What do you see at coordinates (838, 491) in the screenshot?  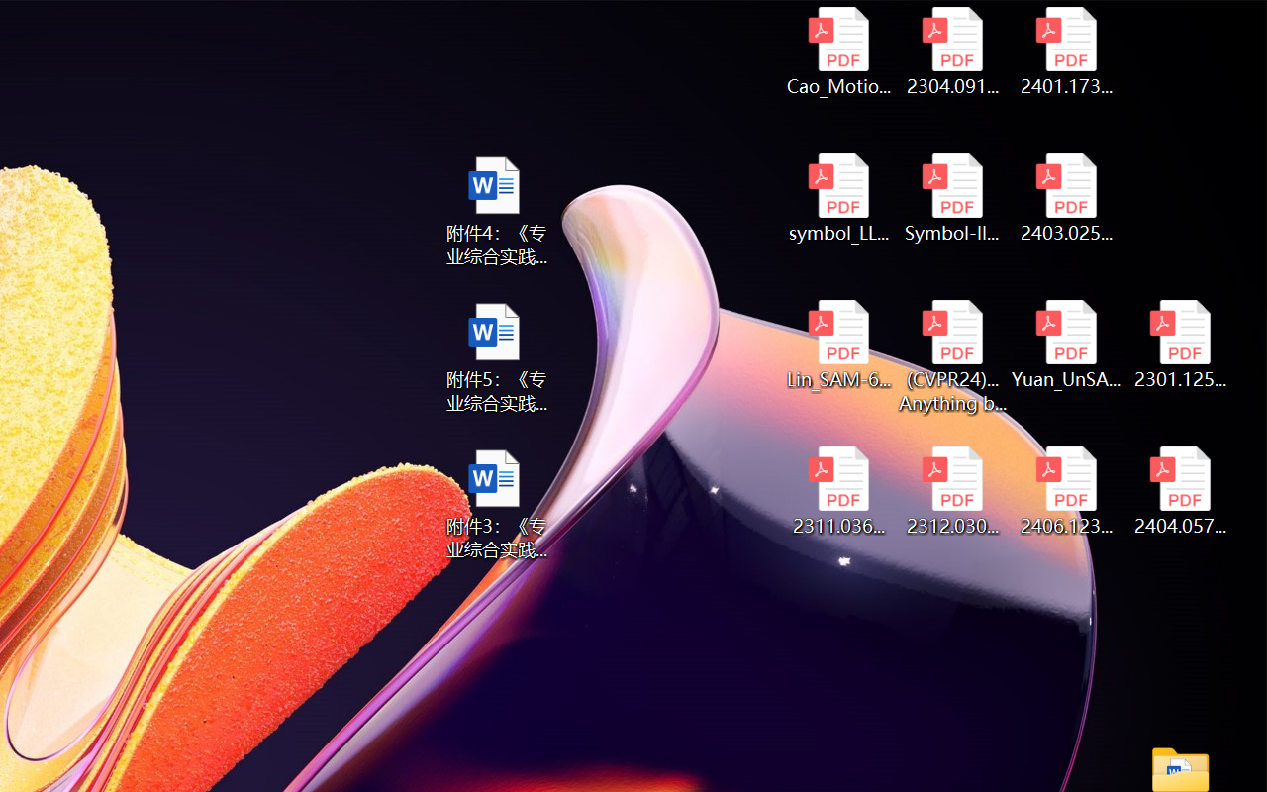 I see `'2311.03658v2.pdf'` at bounding box center [838, 491].